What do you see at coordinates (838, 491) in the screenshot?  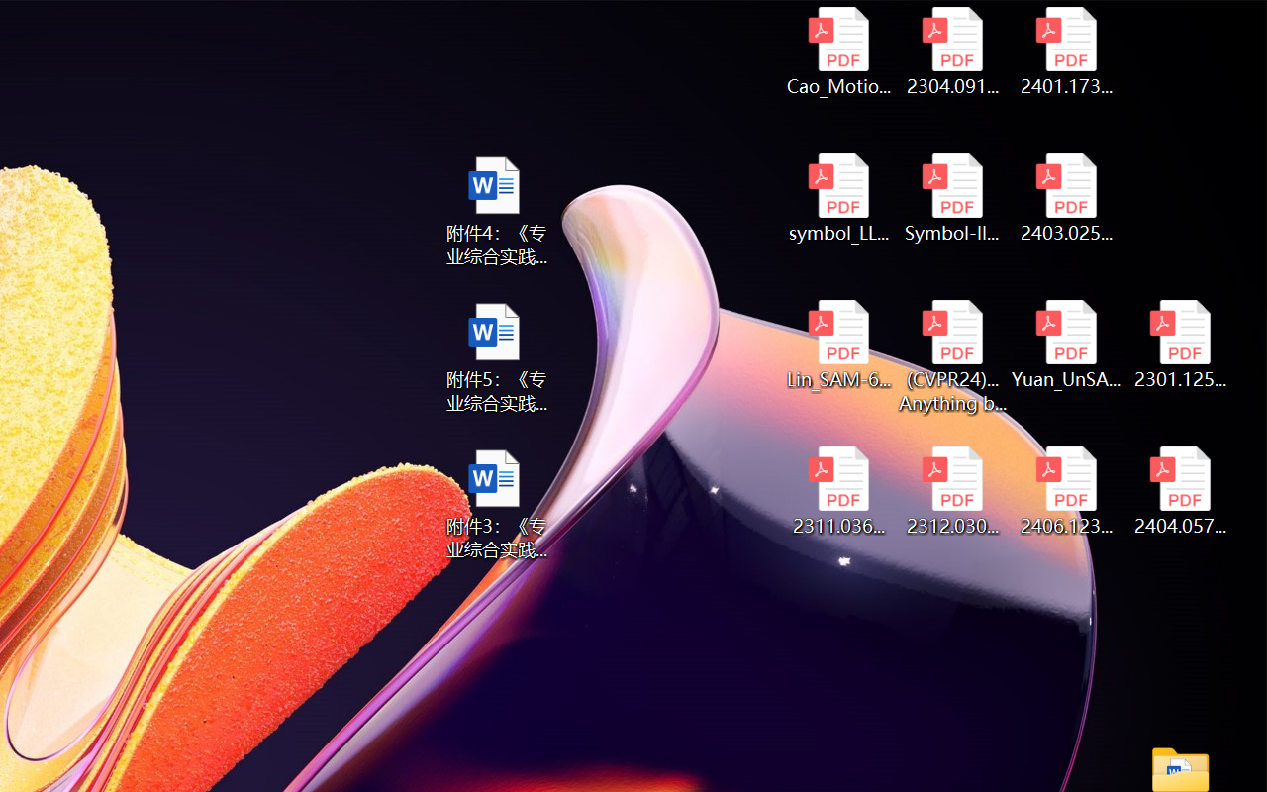 I see `'2311.03658v2.pdf'` at bounding box center [838, 491].